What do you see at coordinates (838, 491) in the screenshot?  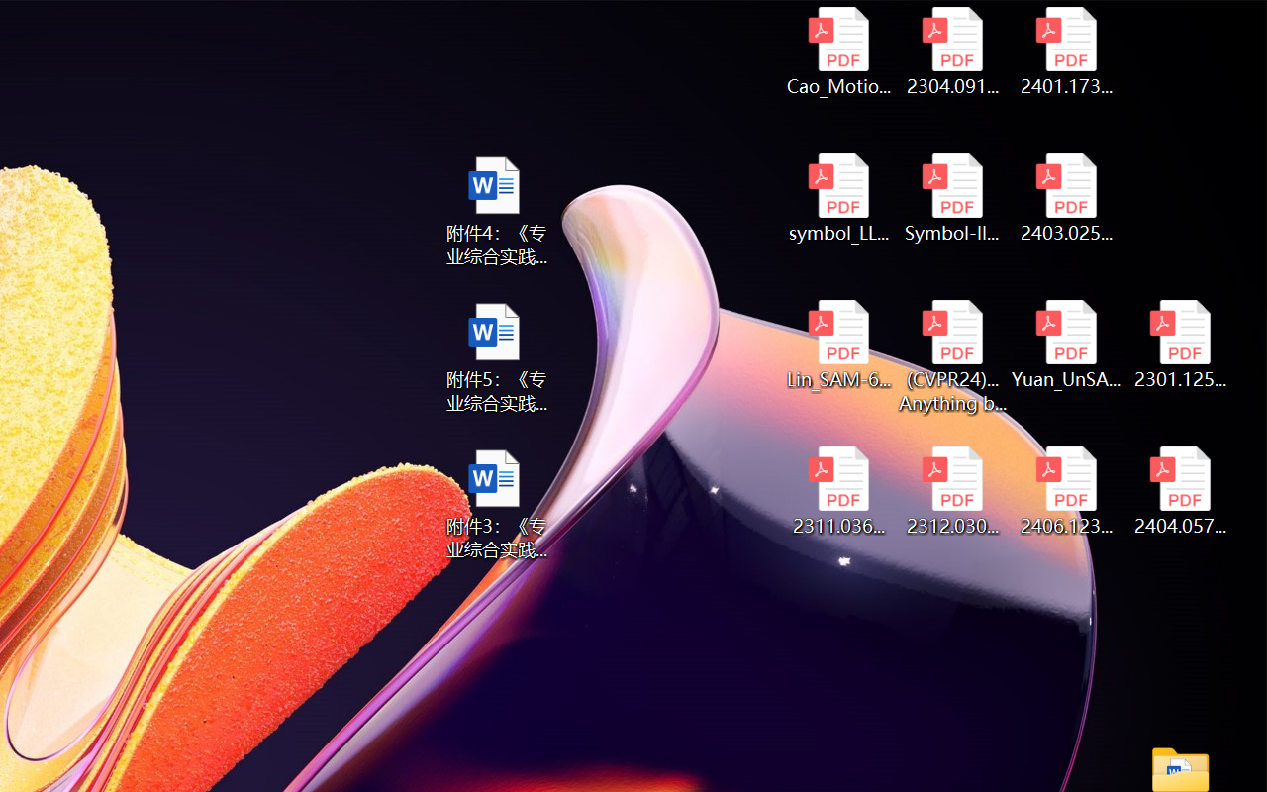 I see `'2311.03658v2.pdf'` at bounding box center [838, 491].